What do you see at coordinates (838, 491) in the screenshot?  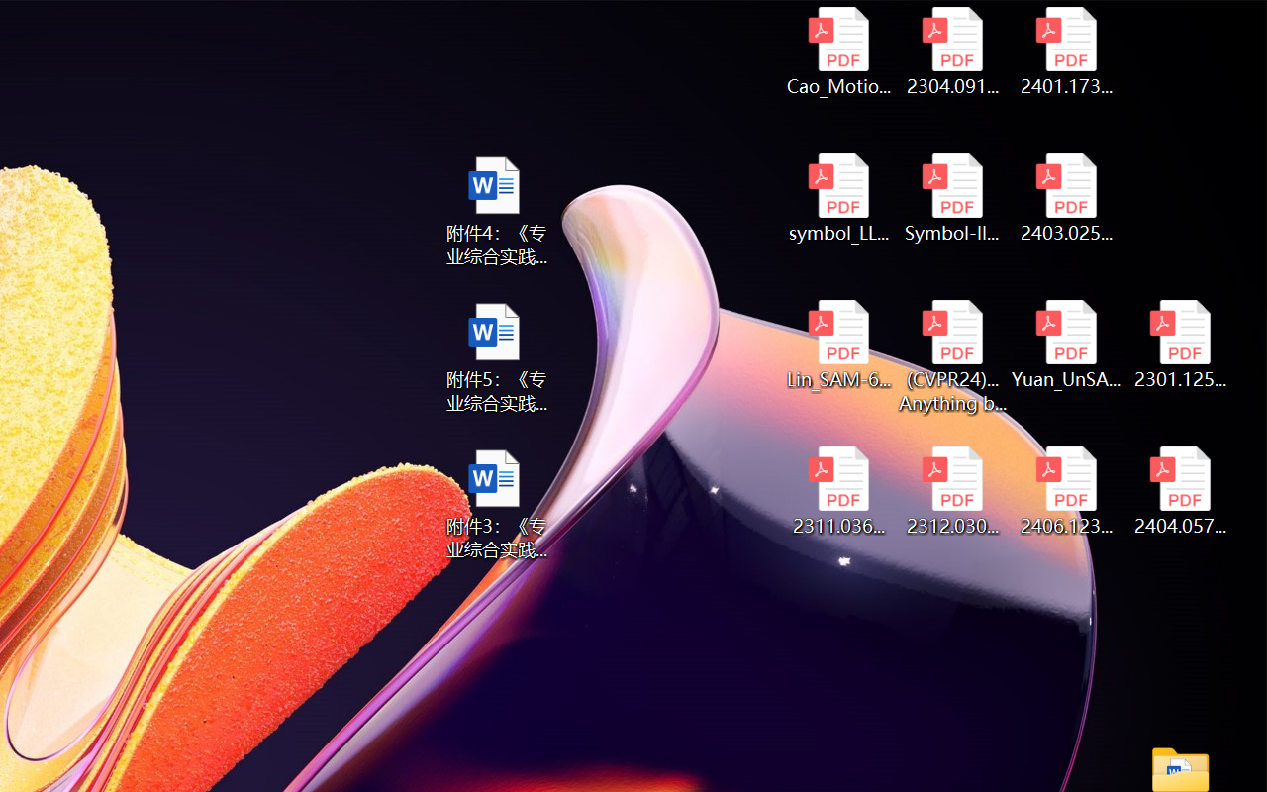 I see `'2311.03658v2.pdf'` at bounding box center [838, 491].